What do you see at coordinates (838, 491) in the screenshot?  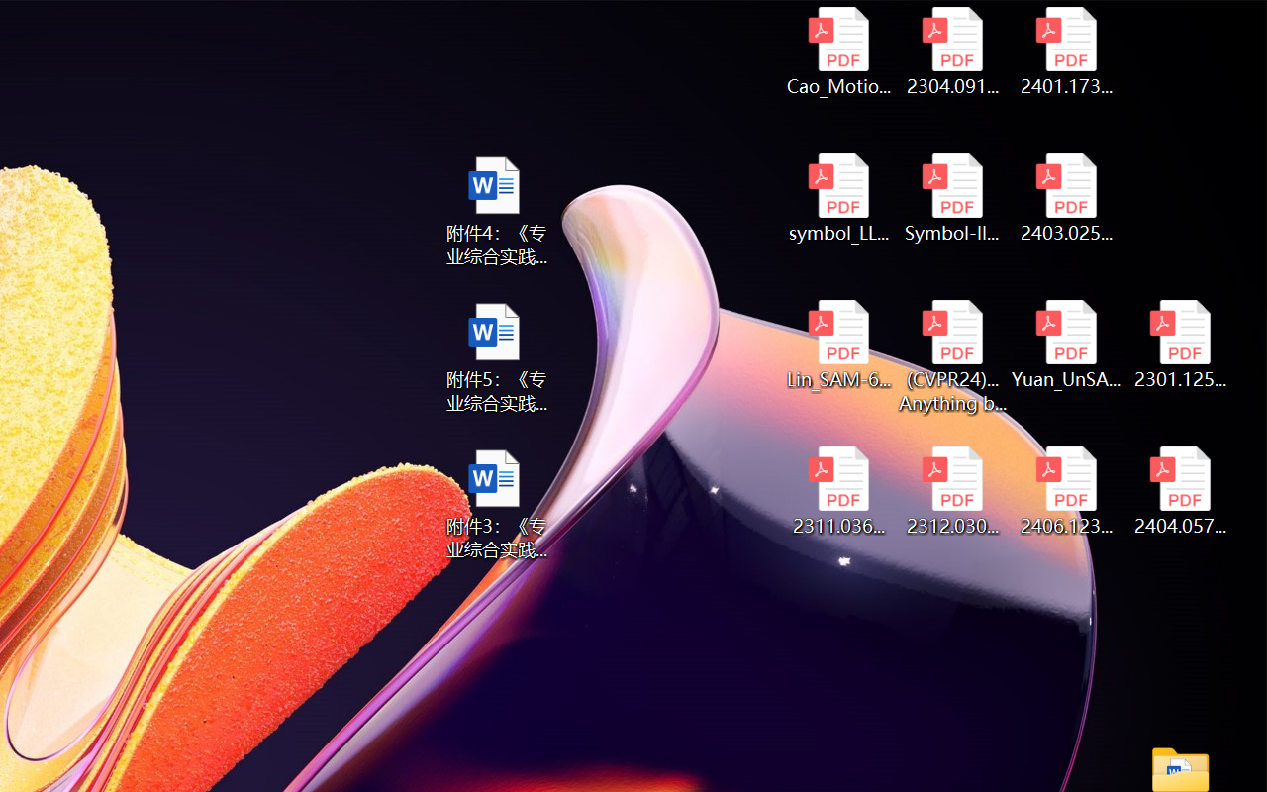 I see `'2311.03658v2.pdf'` at bounding box center [838, 491].